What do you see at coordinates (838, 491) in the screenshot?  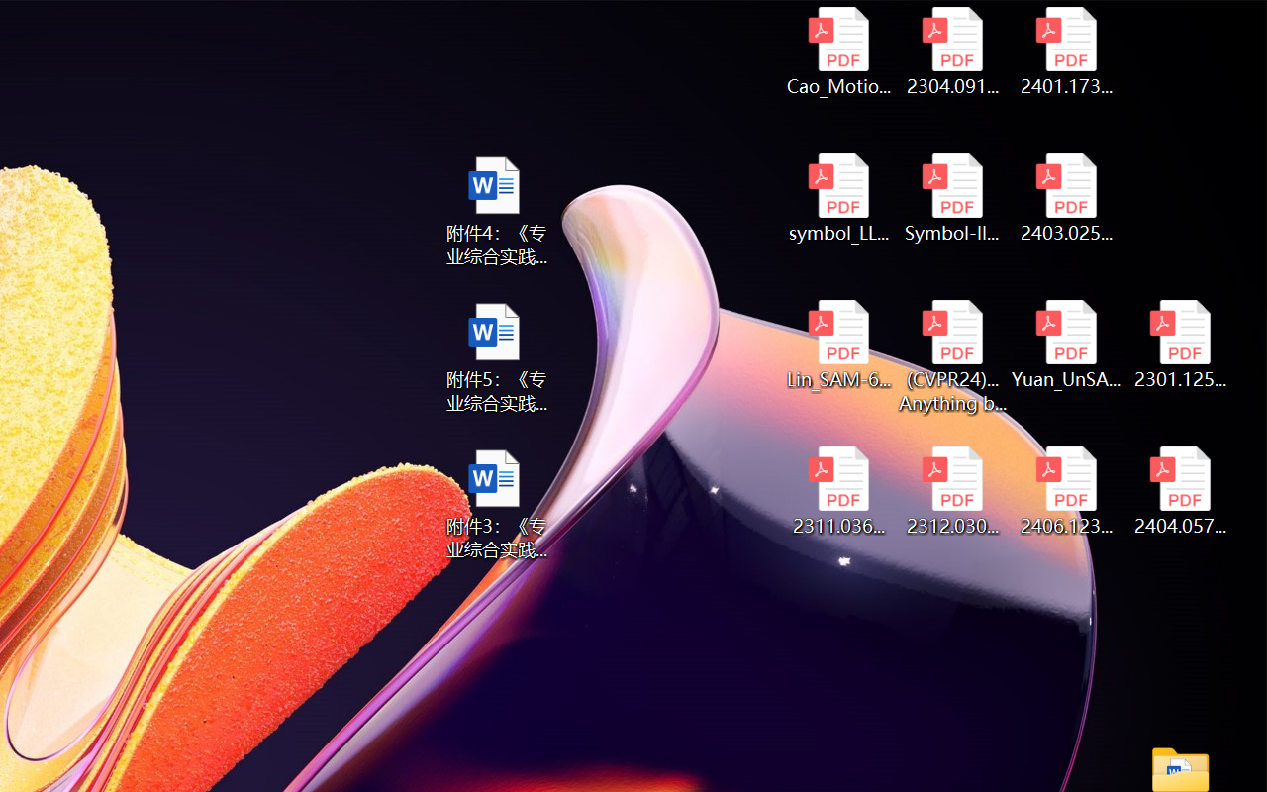 I see `'2311.03658v2.pdf'` at bounding box center [838, 491].